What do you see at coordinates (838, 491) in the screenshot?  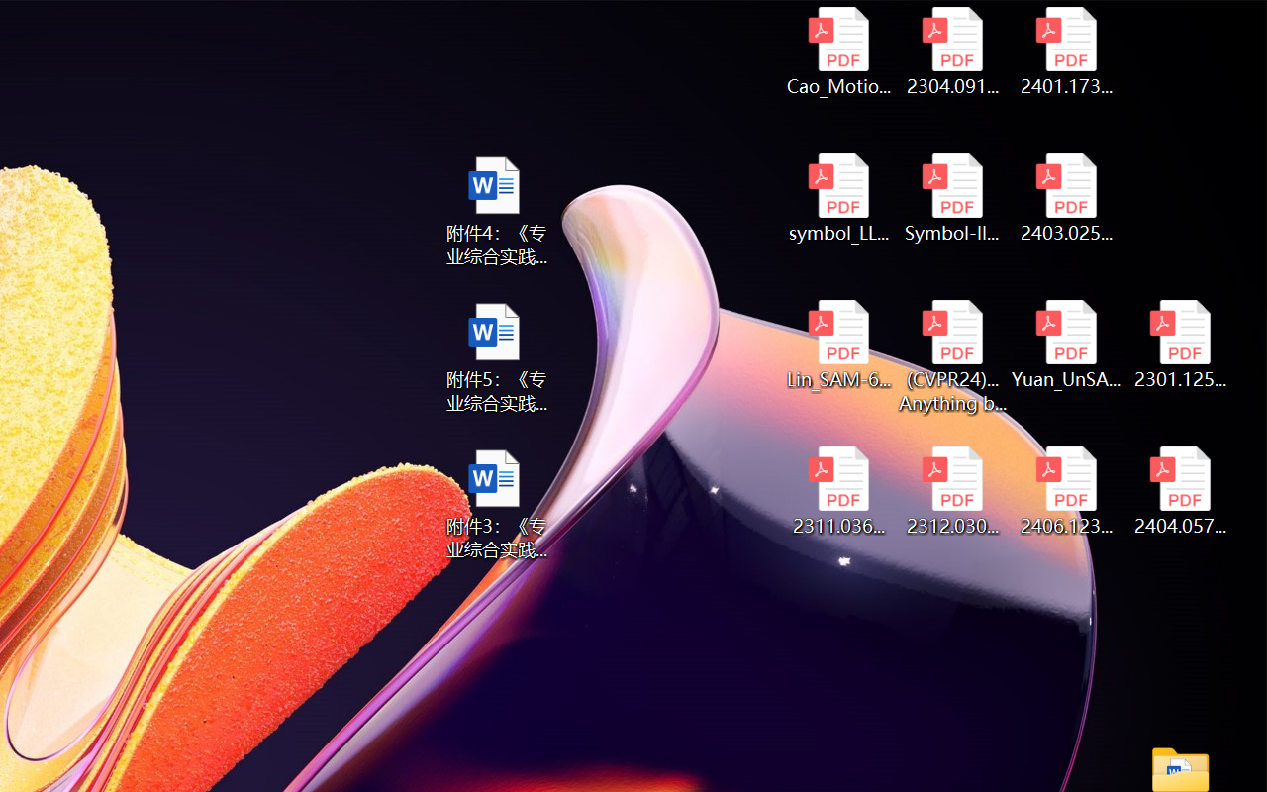 I see `'2311.03658v2.pdf'` at bounding box center [838, 491].